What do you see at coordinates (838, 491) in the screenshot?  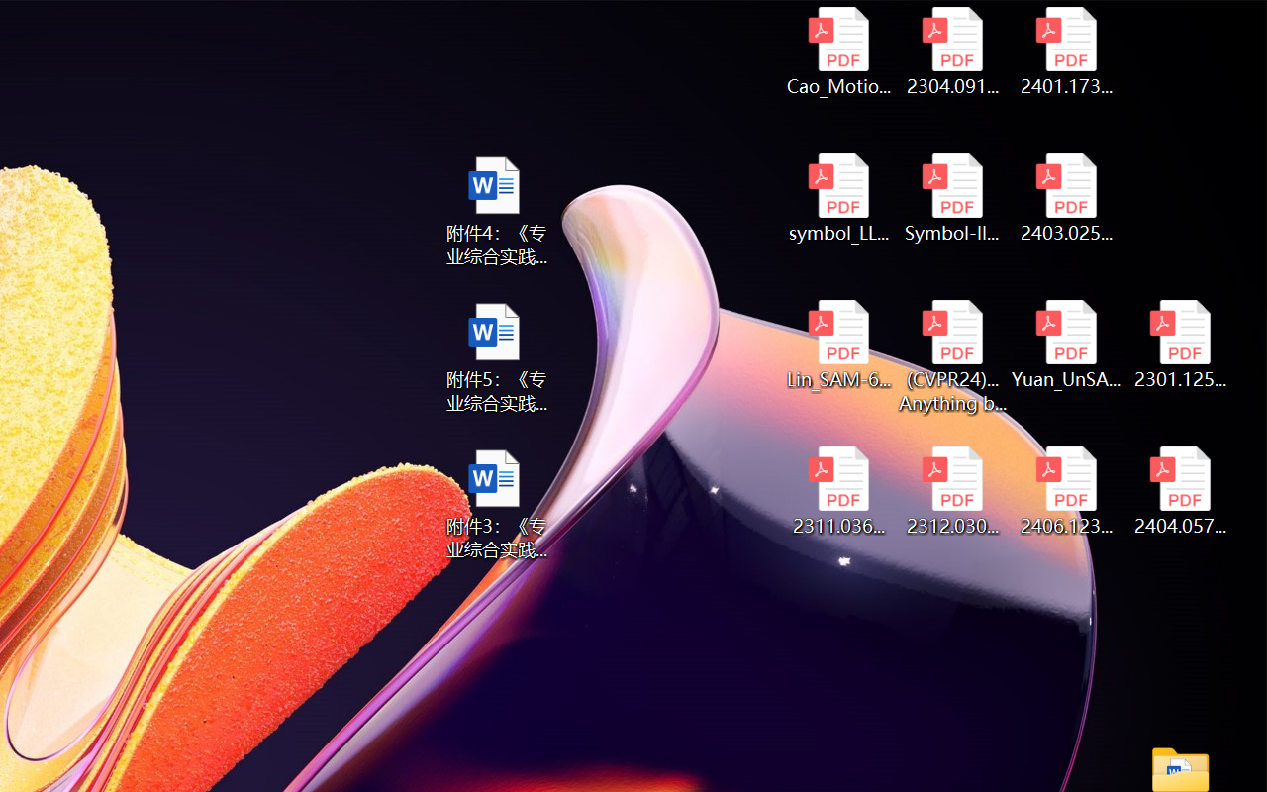 I see `'2311.03658v2.pdf'` at bounding box center [838, 491].